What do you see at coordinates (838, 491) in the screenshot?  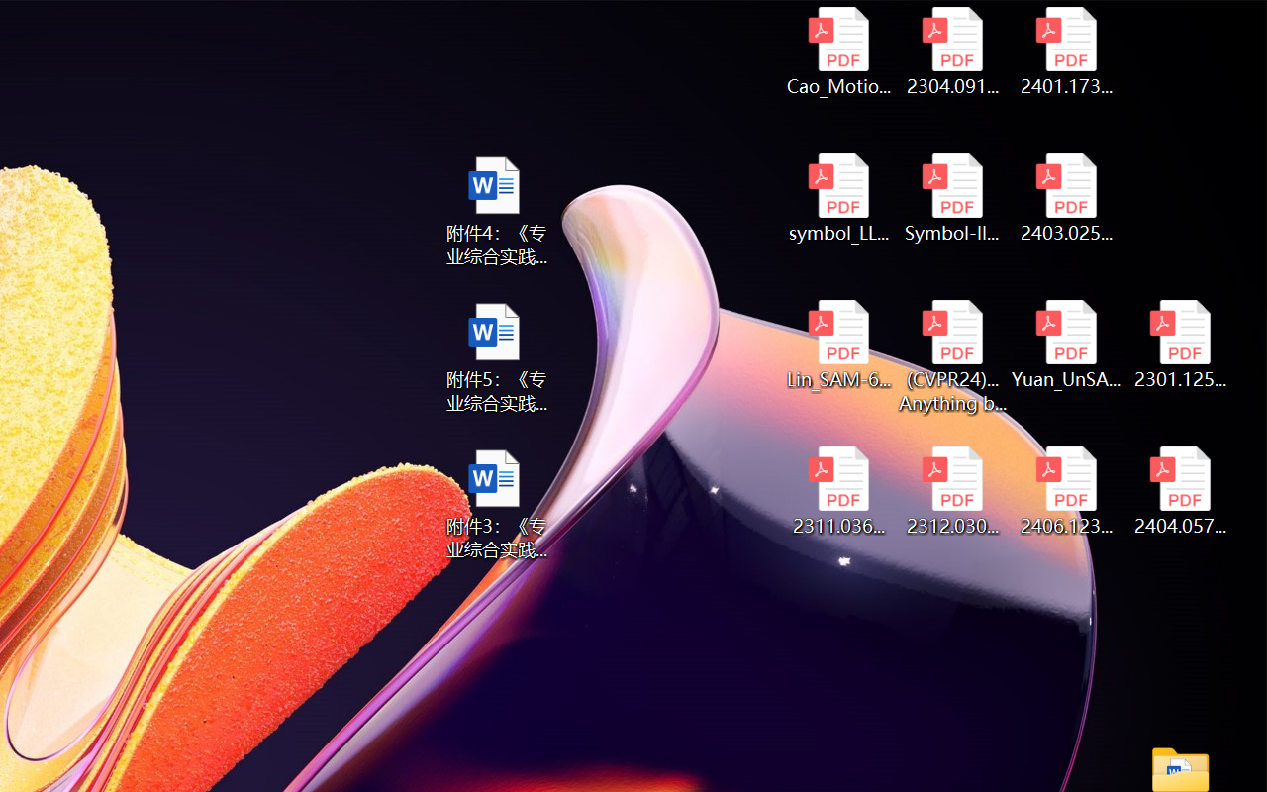 I see `'2311.03658v2.pdf'` at bounding box center [838, 491].